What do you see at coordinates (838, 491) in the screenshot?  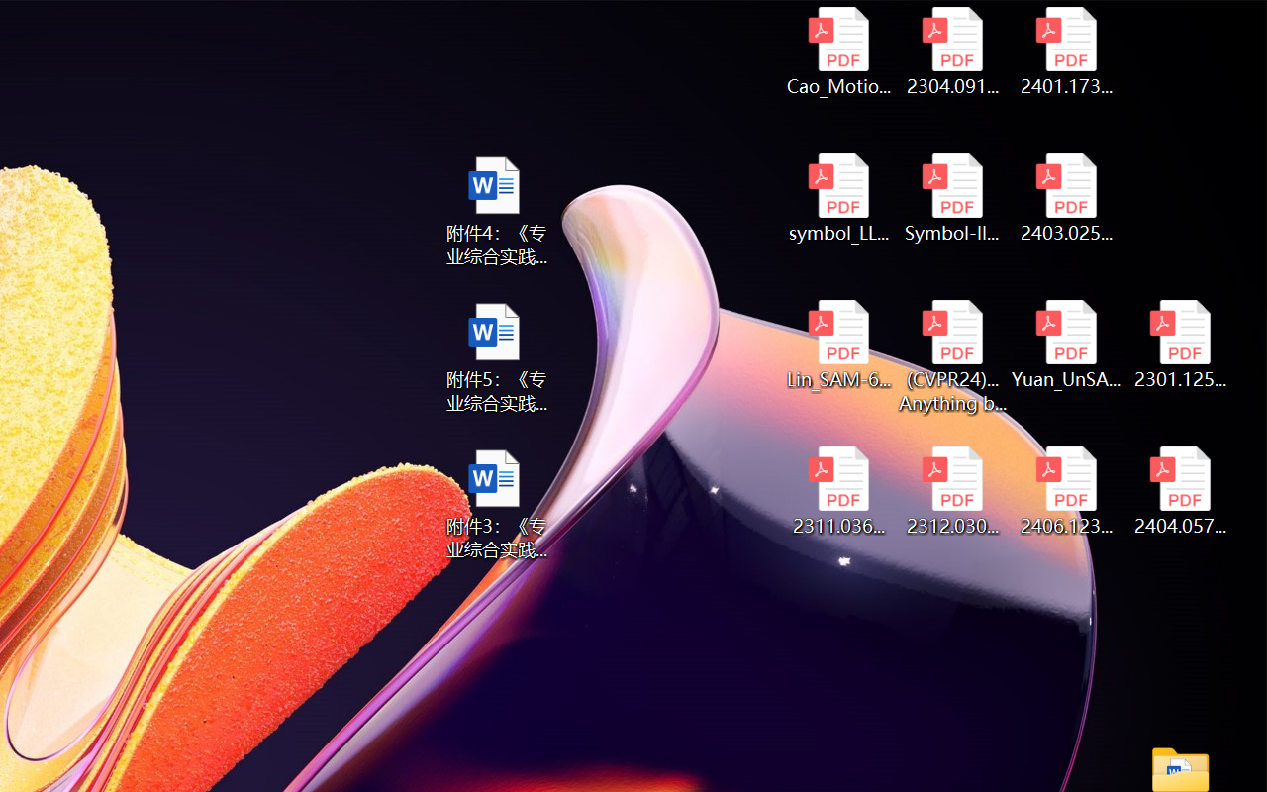 I see `'2311.03658v2.pdf'` at bounding box center [838, 491].